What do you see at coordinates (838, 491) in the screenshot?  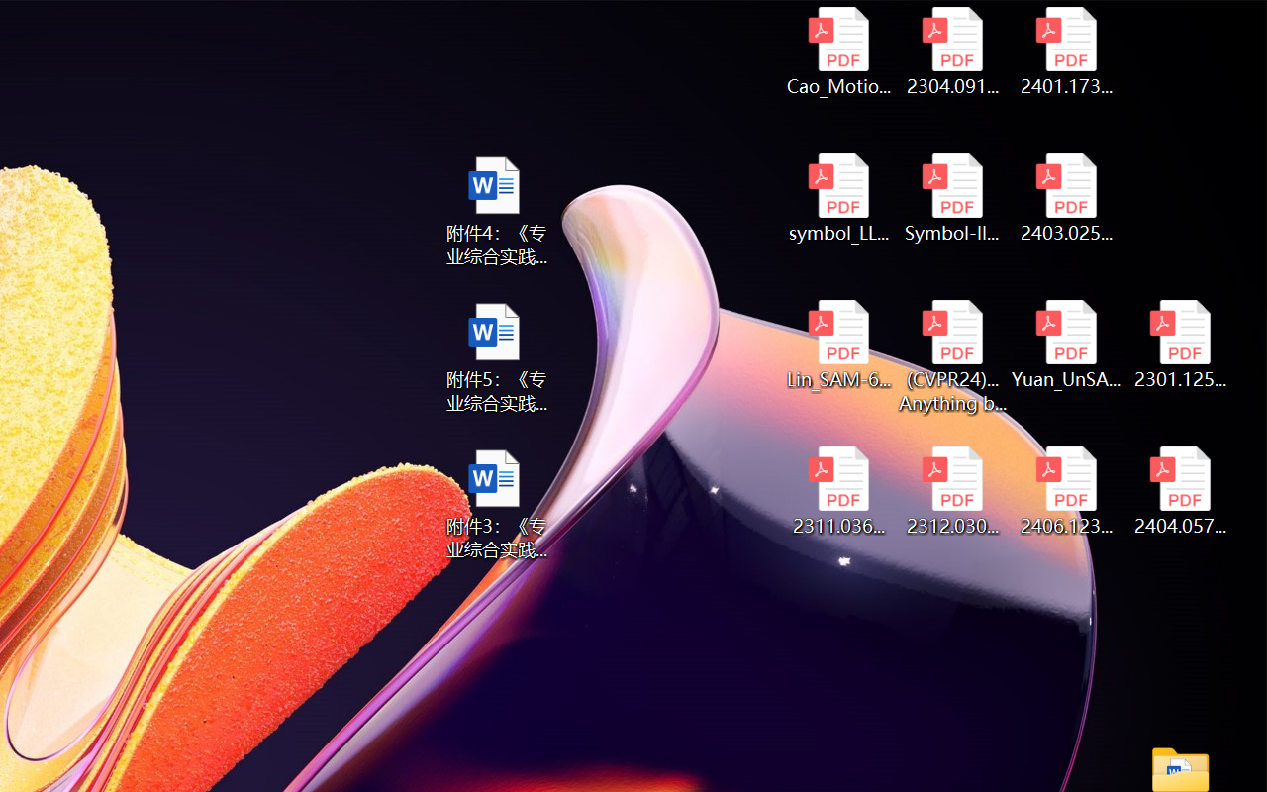 I see `'2311.03658v2.pdf'` at bounding box center [838, 491].